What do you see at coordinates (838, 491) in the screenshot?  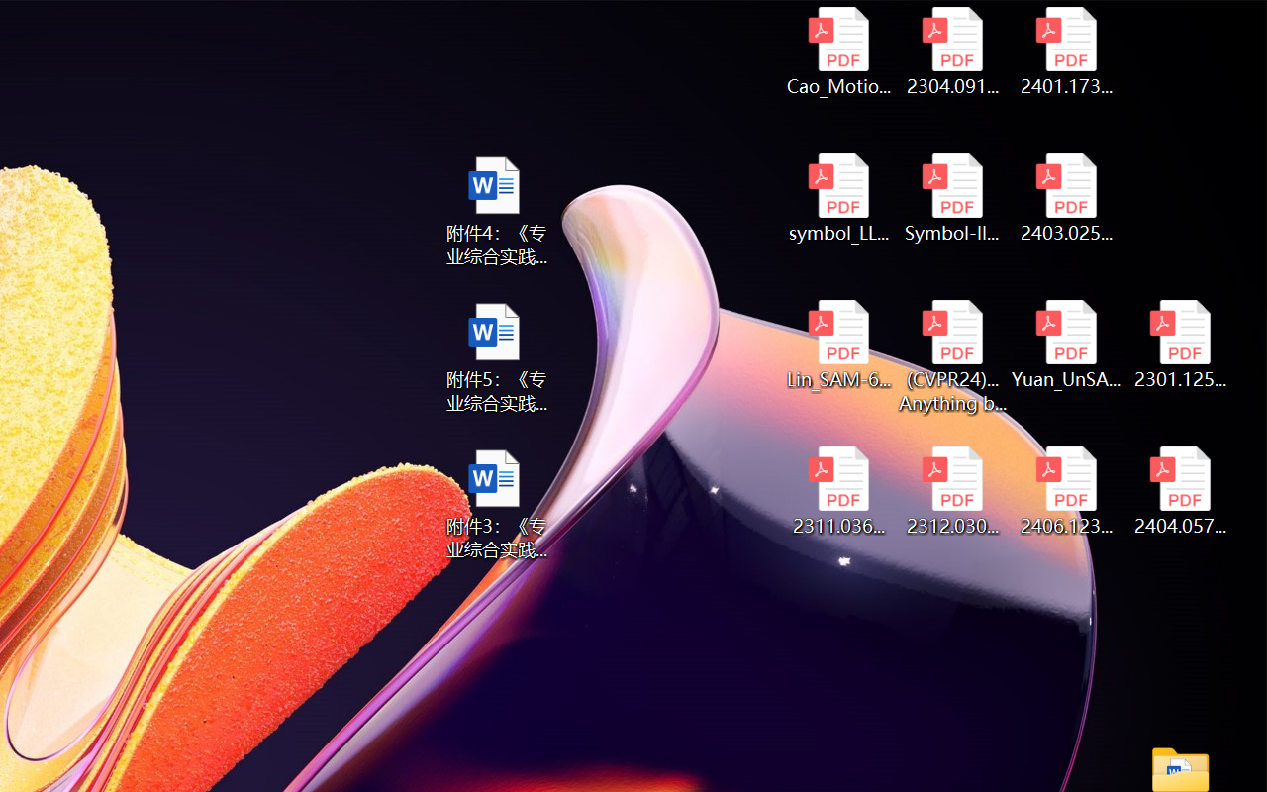 I see `'2311.03658v2.pdf'` at bounding box center [838, 491].